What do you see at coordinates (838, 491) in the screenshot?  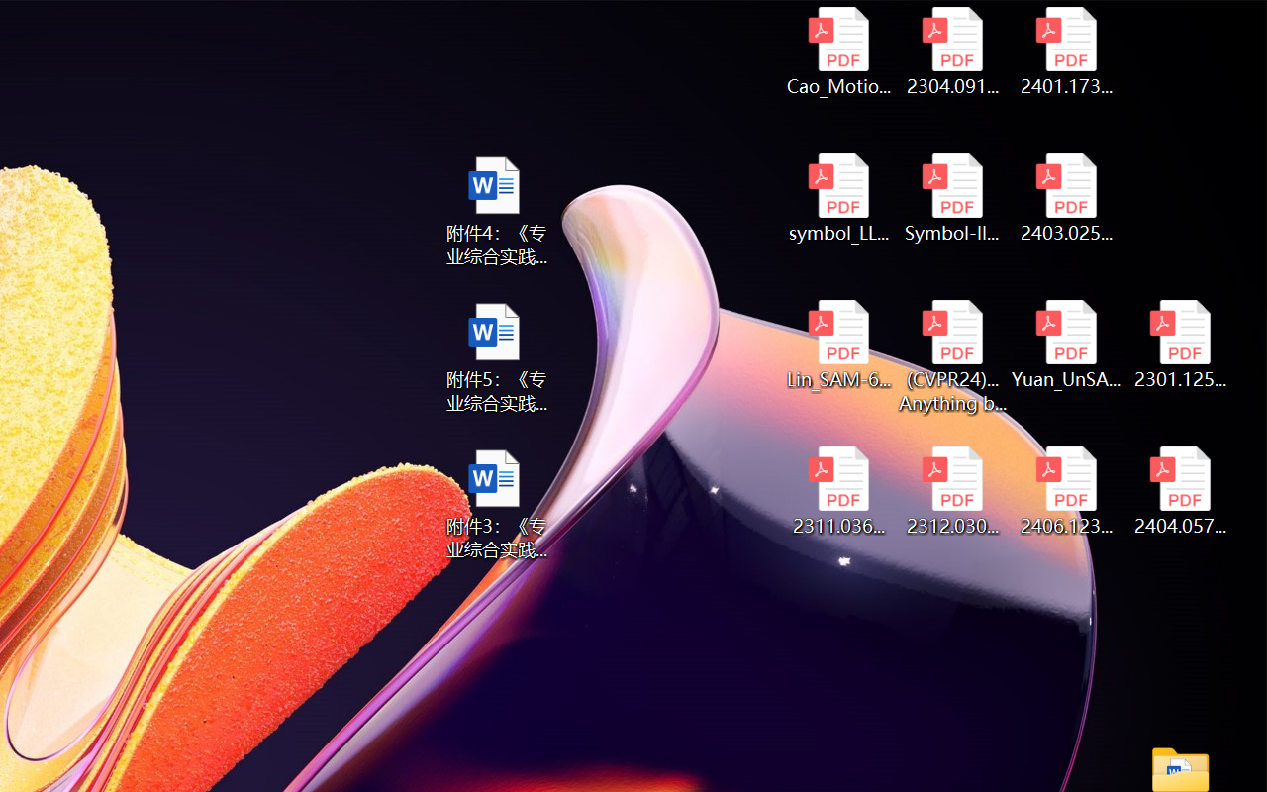 I see `'2311.03658v2.pdf'` at bounding box center [838, 491].